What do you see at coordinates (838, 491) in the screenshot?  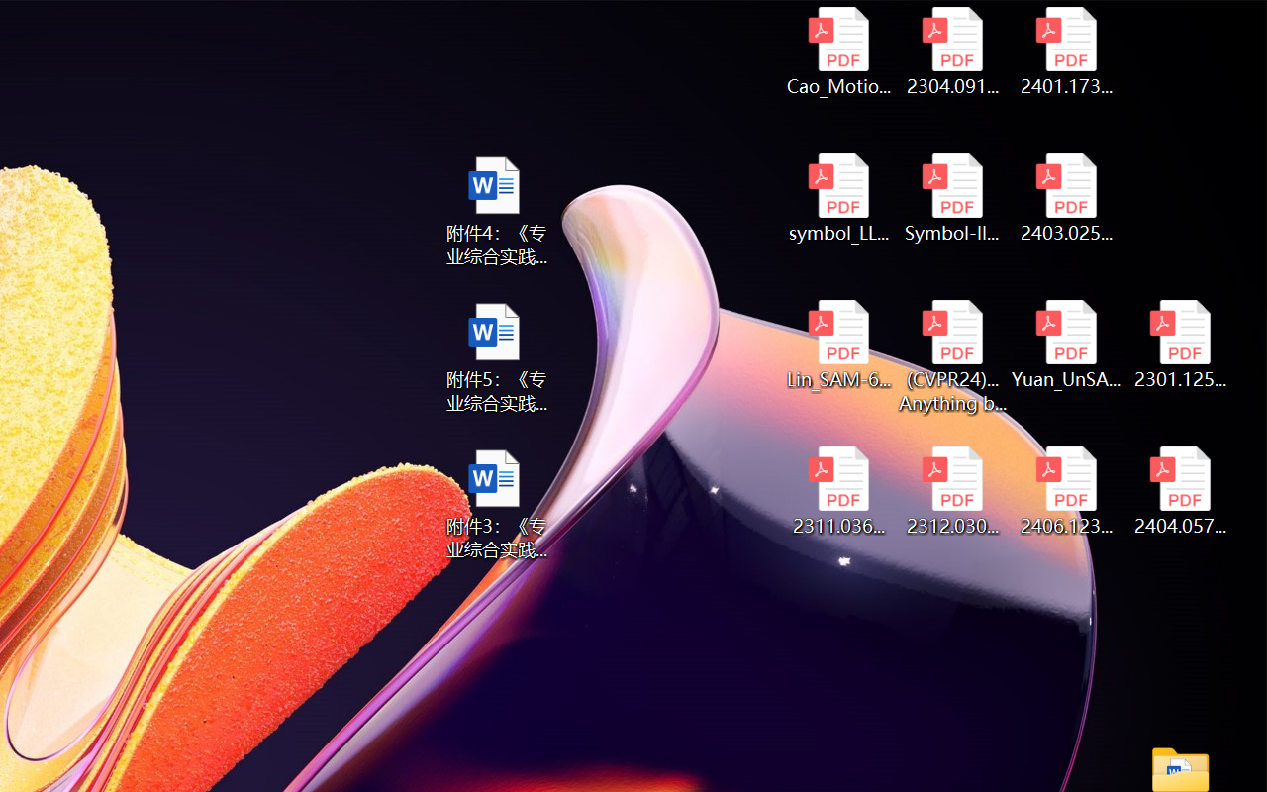 I see `'2311.03658v2.pdf'` at bounding box center [838, 491].